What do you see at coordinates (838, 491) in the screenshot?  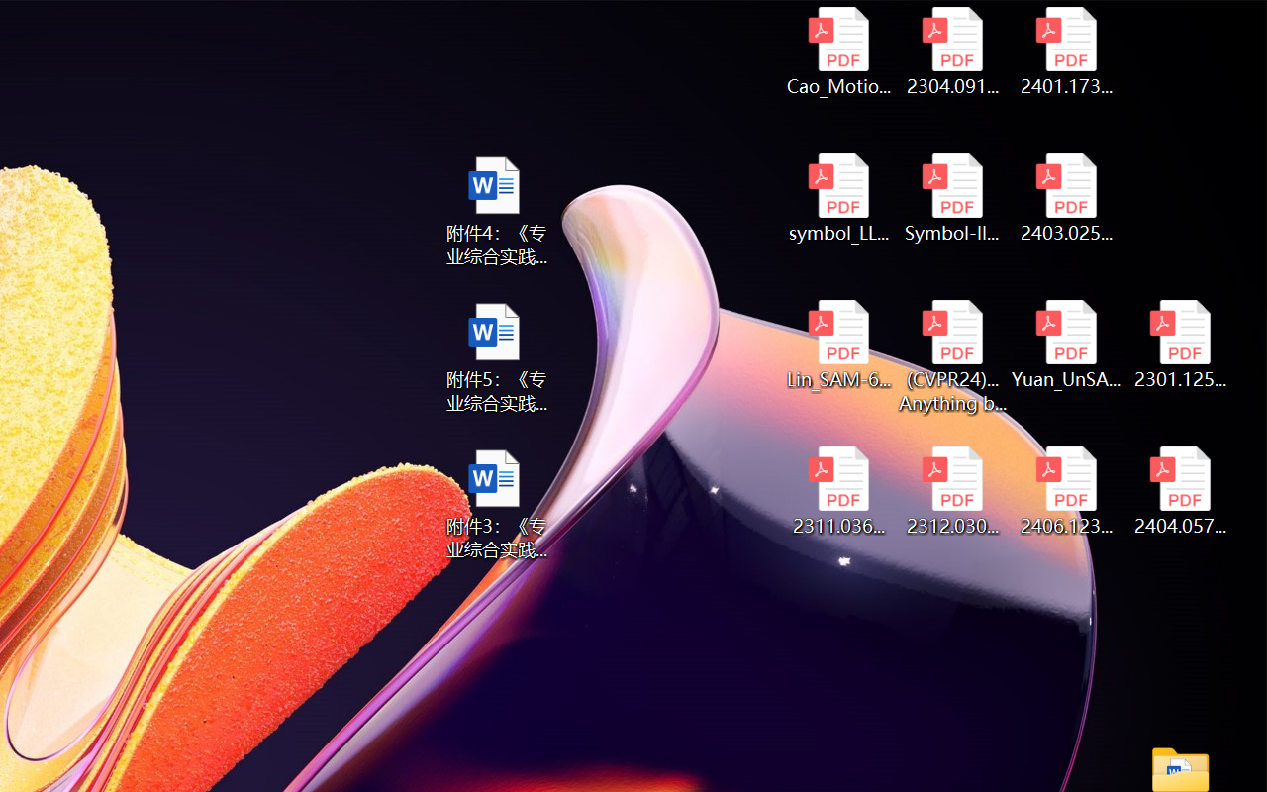 I see `'2311.03658v2.pdf'` at bounding box center [838, 491].